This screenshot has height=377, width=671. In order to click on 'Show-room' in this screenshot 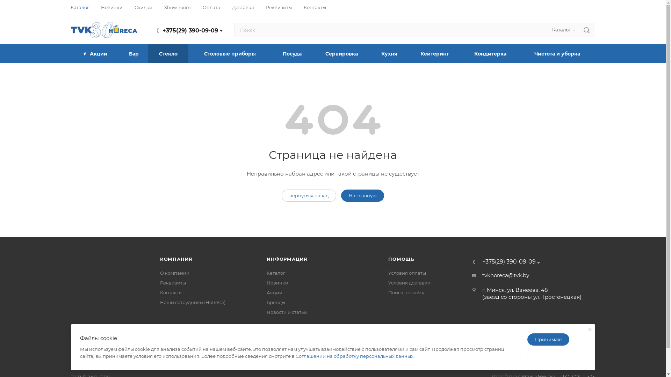, I will do `click(178, 7)`.